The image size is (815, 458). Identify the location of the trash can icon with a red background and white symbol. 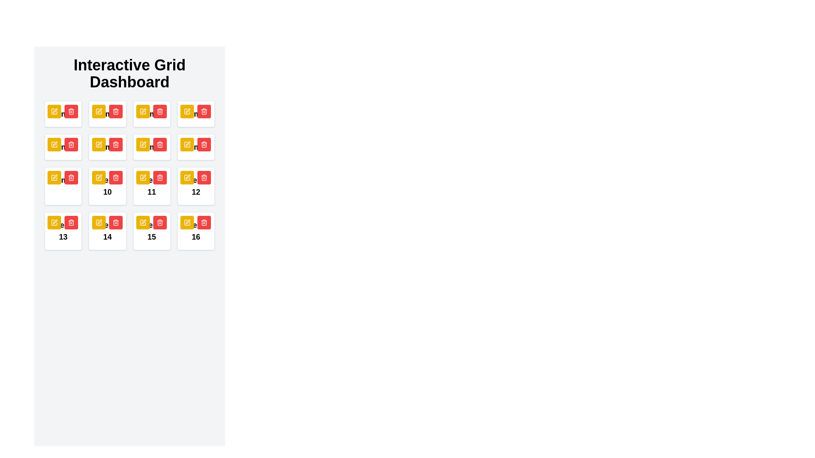
(71, 144).